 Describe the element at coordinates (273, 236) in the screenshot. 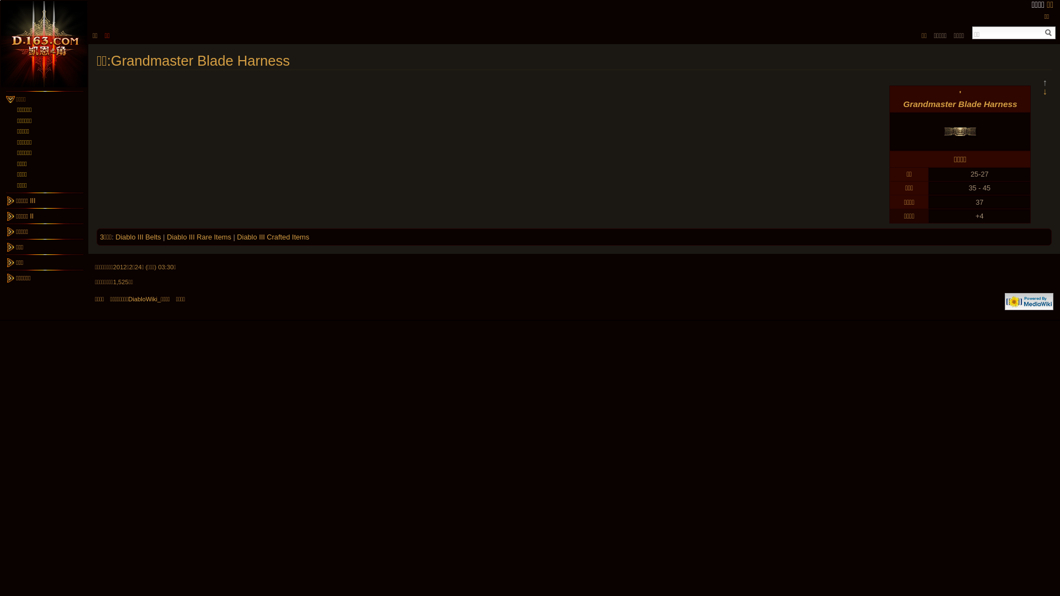

I see `'Diablo III Crafted Items'` at that location.